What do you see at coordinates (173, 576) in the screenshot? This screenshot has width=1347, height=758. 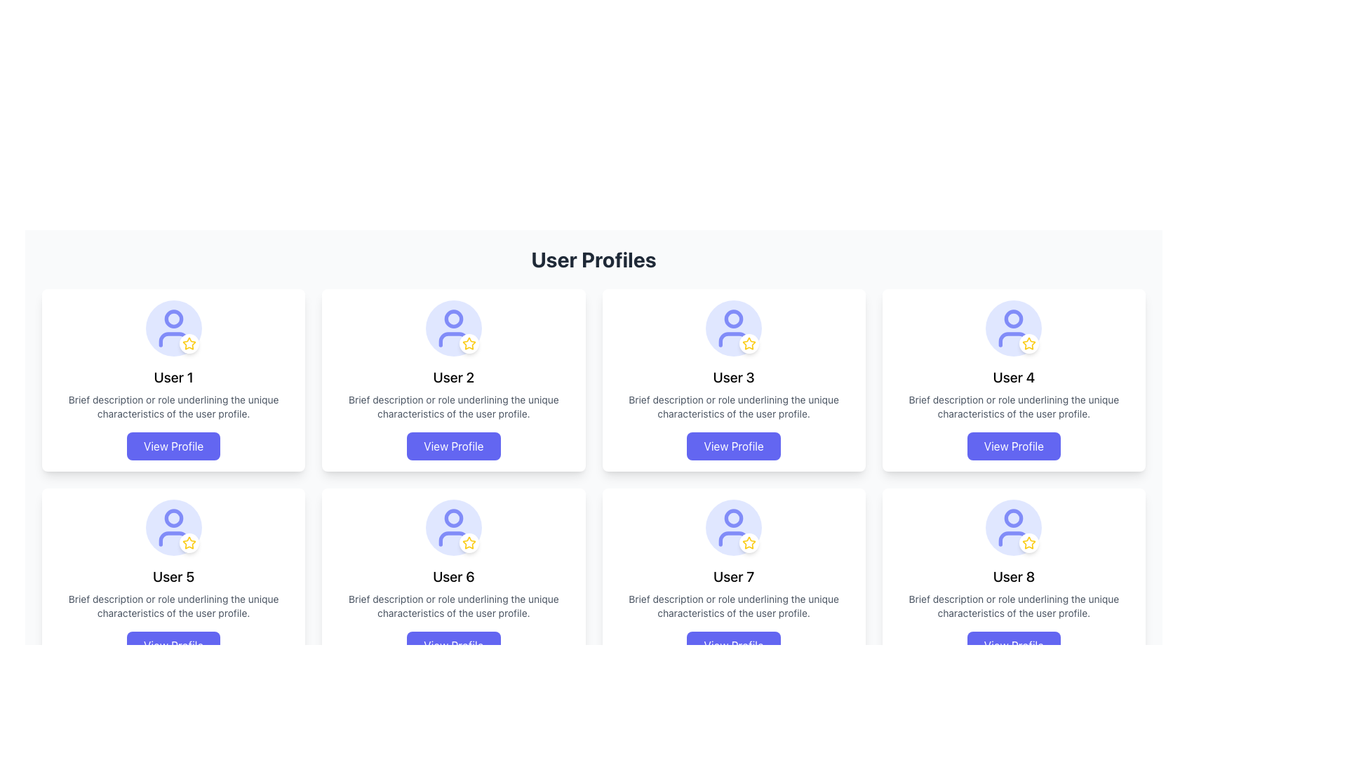 I see `the text label displaying 'User 5' which is centered in the second row of user profile cards` at bounding box center [173, 576].